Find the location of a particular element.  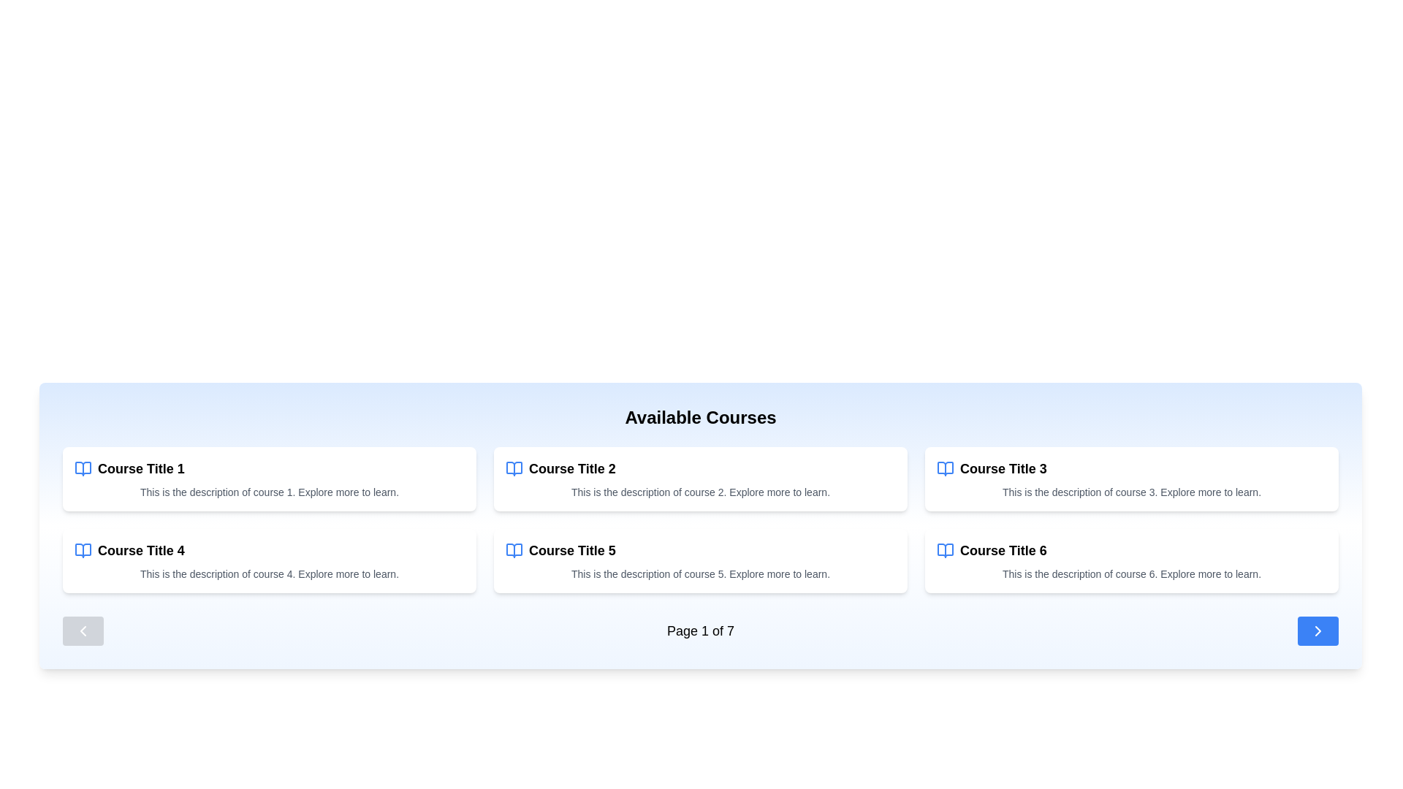

the text display reading 'This is the description of course 1. Explore more to learn.' located directly below the title 'Course Title 1' within the first course card is located at coordinates (270, 492).